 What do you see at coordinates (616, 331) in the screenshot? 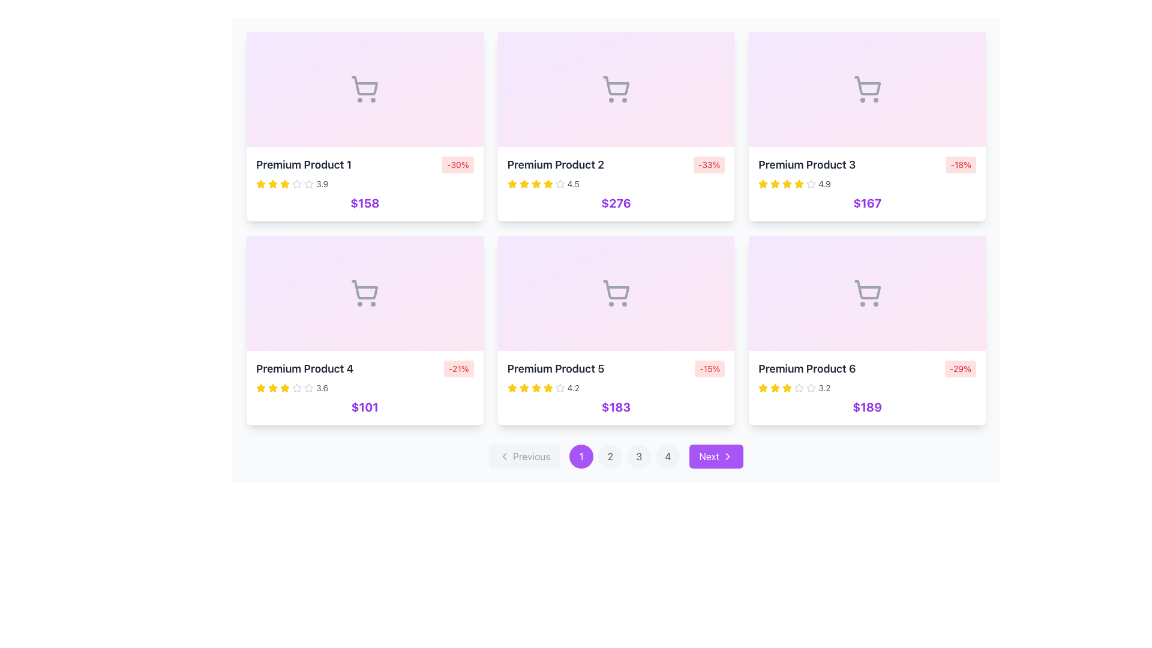
I see `the fifth product card` at bounding box center [616, 331].